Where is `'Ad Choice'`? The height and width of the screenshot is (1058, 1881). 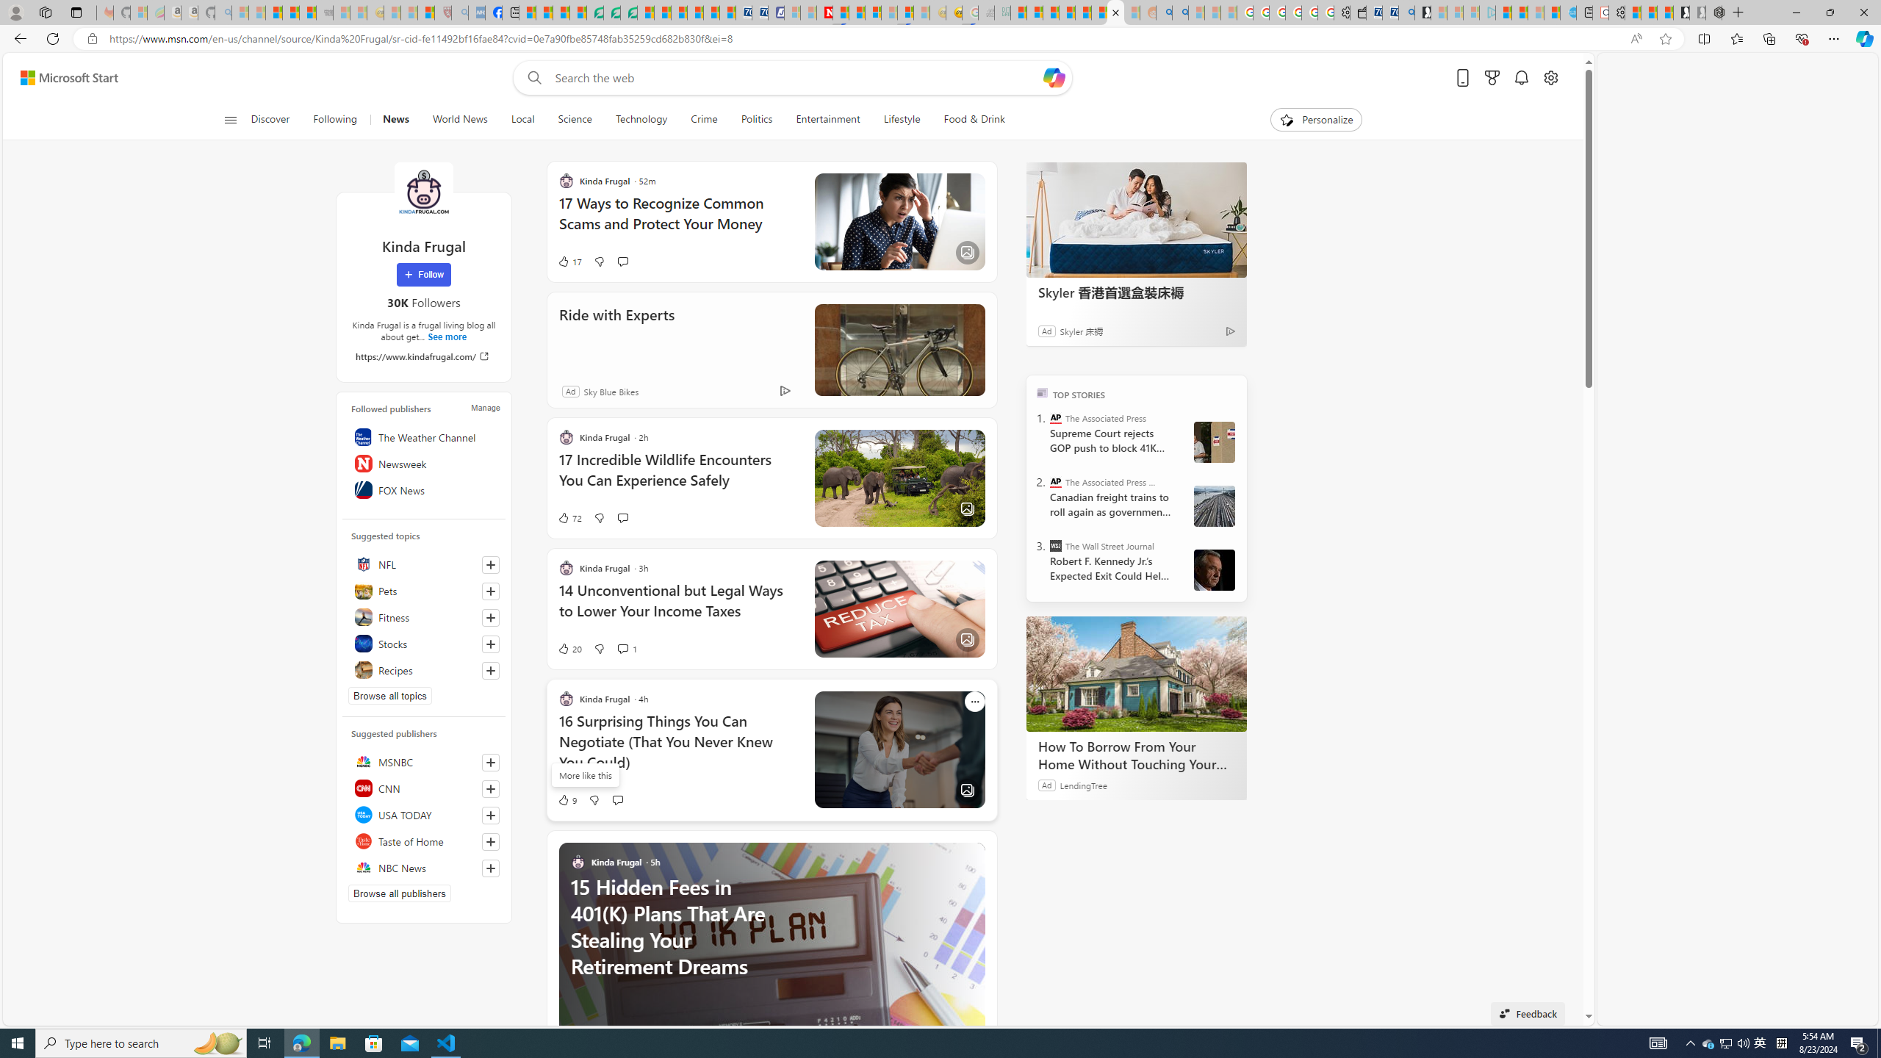 'Ad Choice' is located at coordinates (784, 391).